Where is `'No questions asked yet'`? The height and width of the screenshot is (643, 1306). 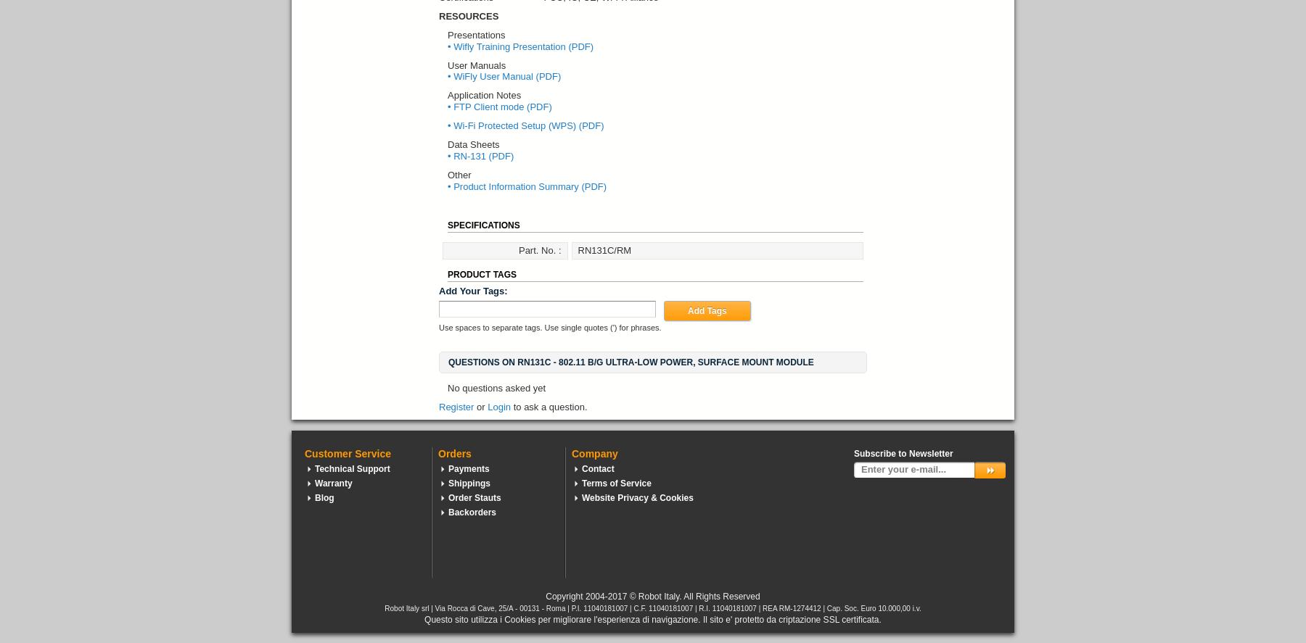 'No questions asked yet' is located at coordinates (448, 387).